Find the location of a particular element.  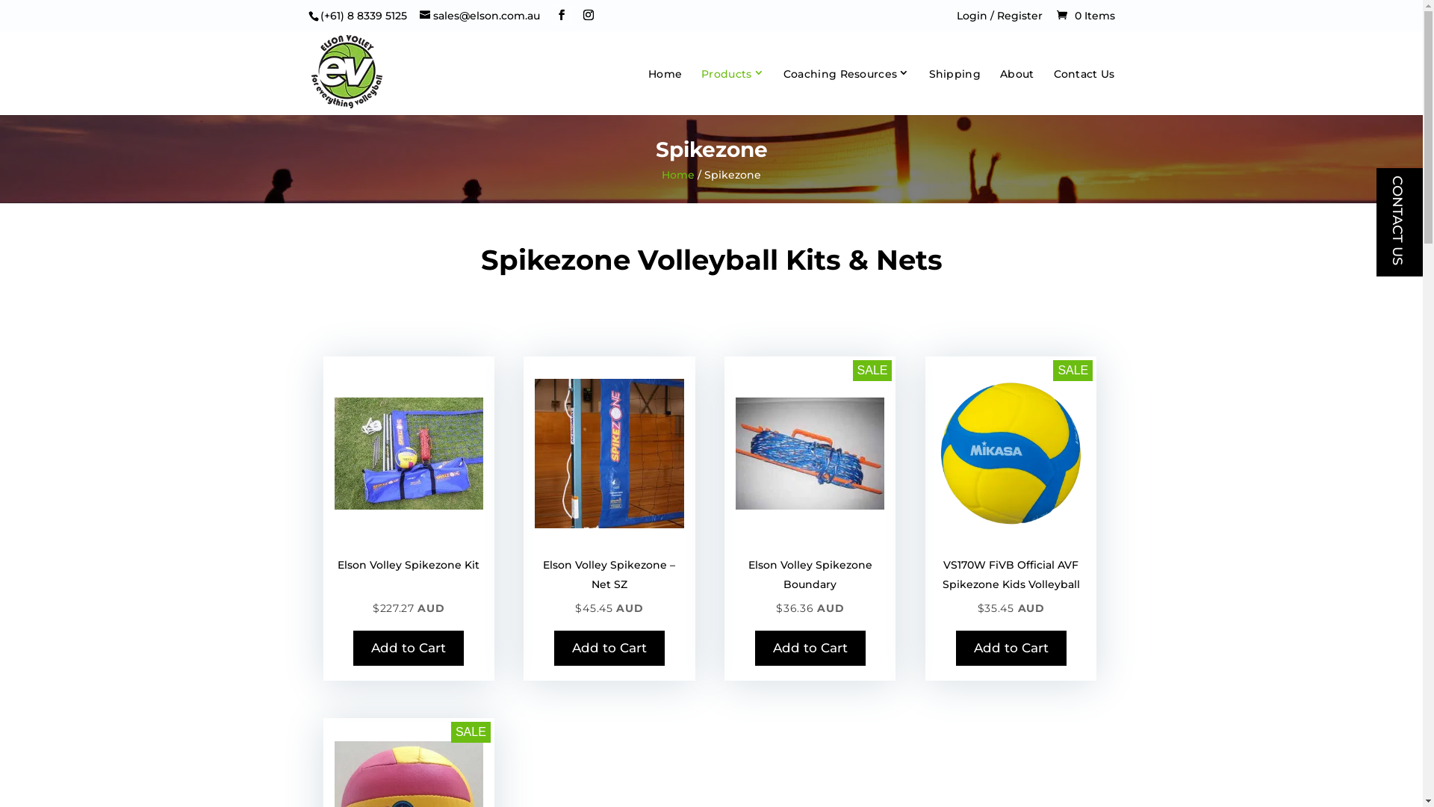

'Products' is located at coordinates (701, 89).